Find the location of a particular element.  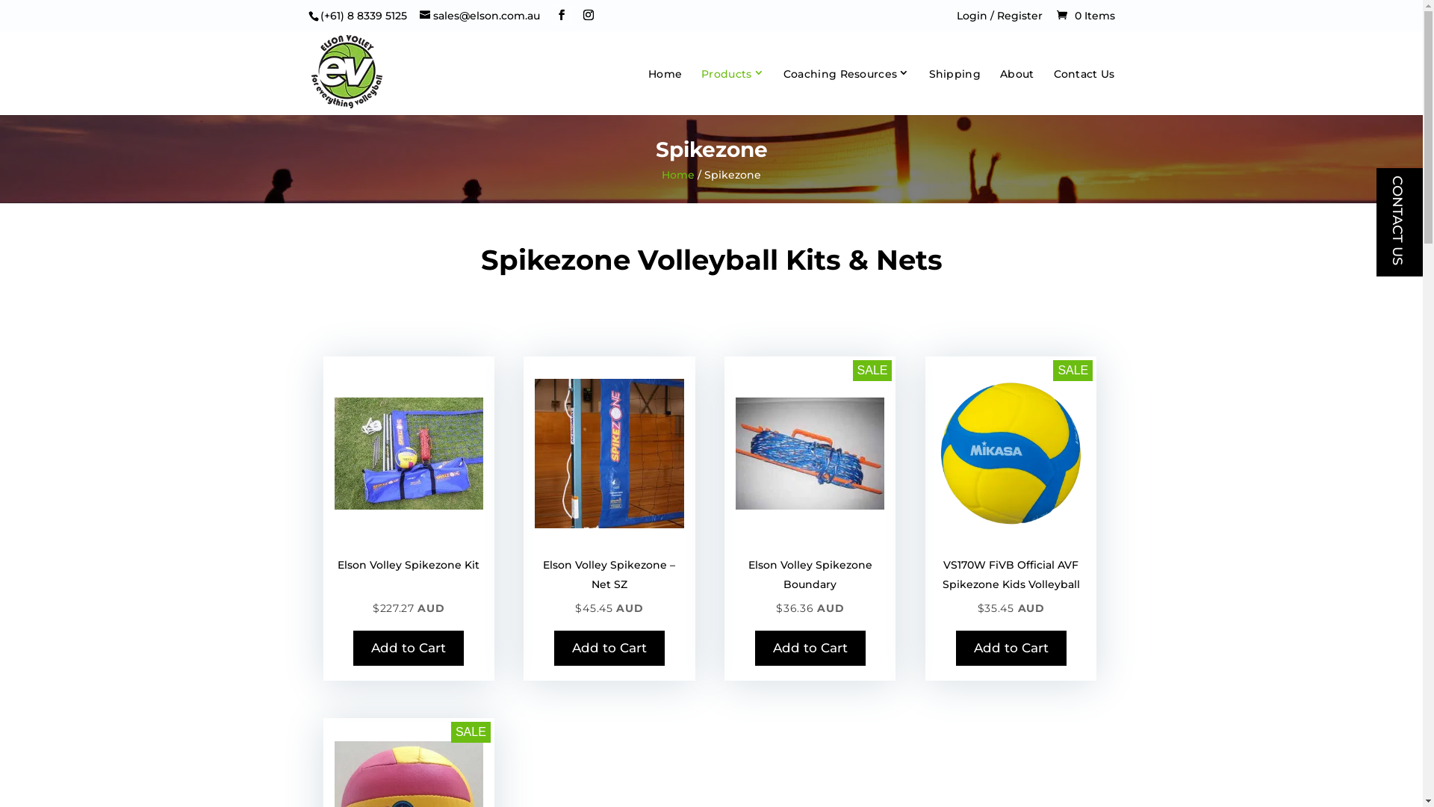

'Products' is located at coordinates (701, 89).